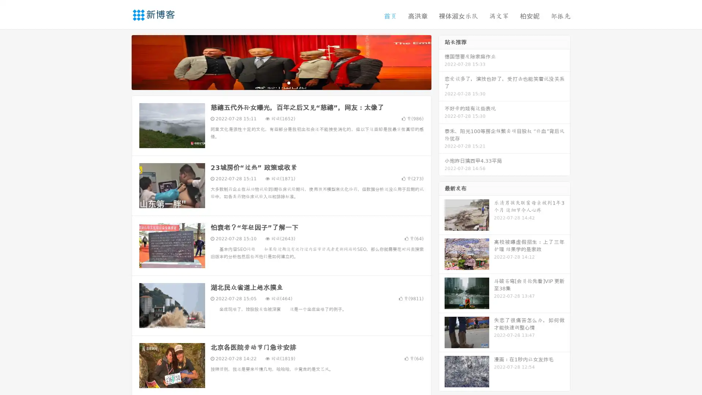 This screenshot has width=702, height=395. I want to click on Next slide, so click(442, 61).